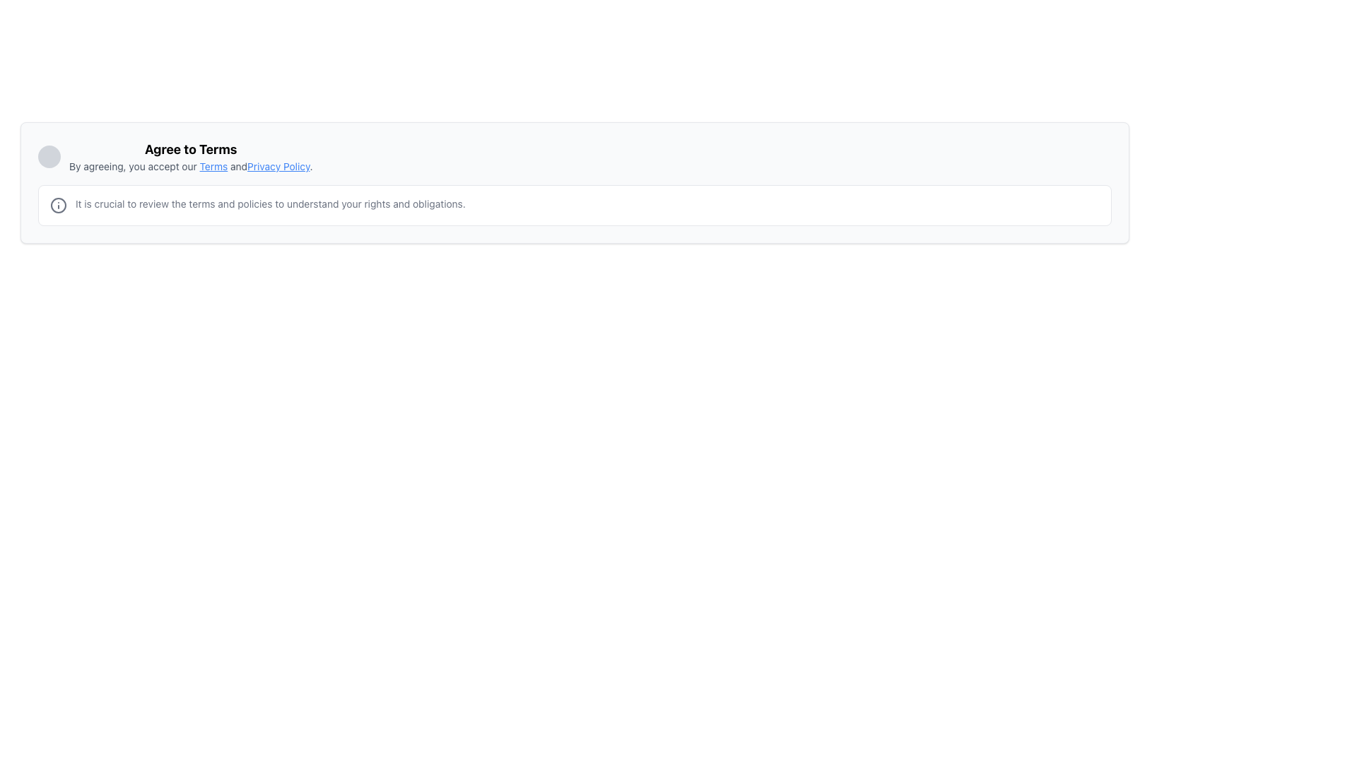 The height and width of the screenshot is (763, 1357). What do you see at coordinates (575, 157) in the screenshot?
I see `the embedded links within the User Agreement Section, which is the topmost item in a bordered box` at bounding box center [575, 157].